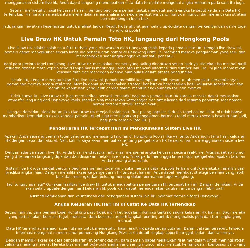 The image size is (250, 248). I want to click on 'Bagi para pecinta togel Hongkong, Live Draw HK merupakan momen yang paling dinantikan setiap harinya. Mereka bisa melihat hasil keluaran dengan mata kepala sendiri tanpa harus menunggu lama atau mencari informasi dari sumber lain. Hal ini juga memastikan keaslian data dan mencegah adanya manipulasi dalam proses pengundian.', so click(124, 68).